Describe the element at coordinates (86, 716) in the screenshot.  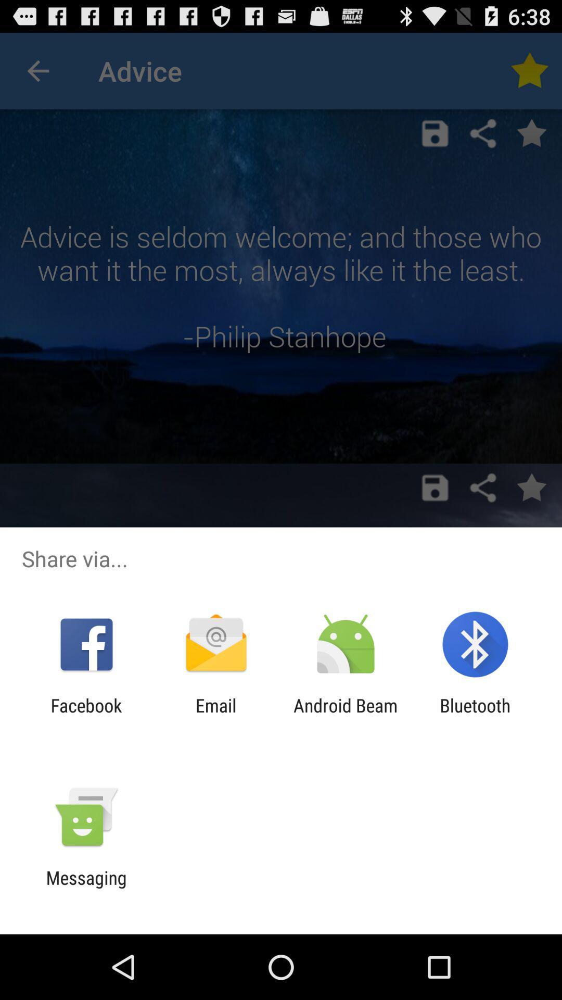
I see `the facebook icon` at that location.